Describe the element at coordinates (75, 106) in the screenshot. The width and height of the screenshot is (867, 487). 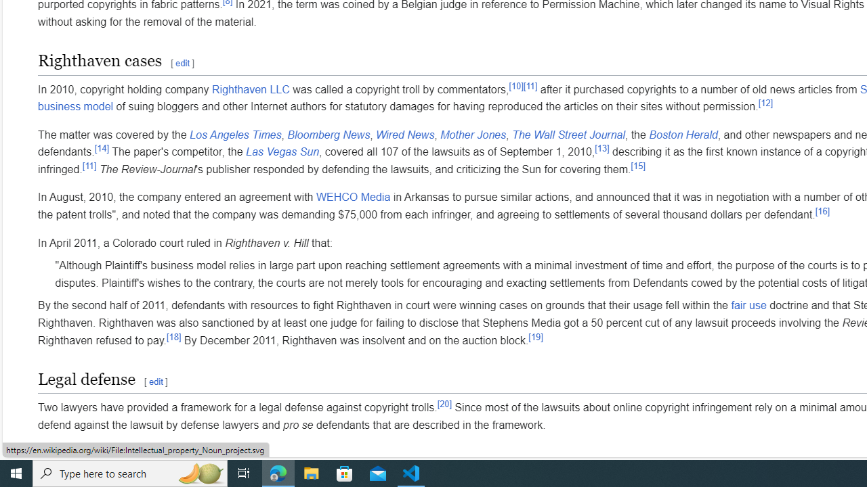
I see `'business model'` at that location.